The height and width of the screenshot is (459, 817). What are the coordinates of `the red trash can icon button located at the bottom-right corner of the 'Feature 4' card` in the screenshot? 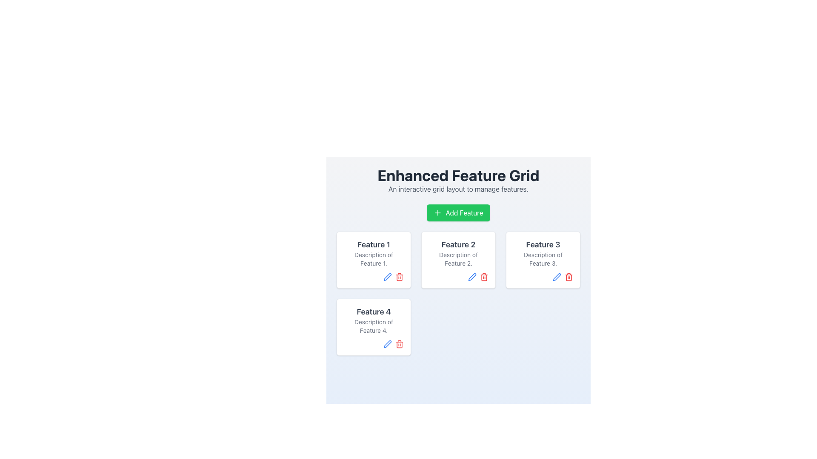 It's located at (399, 344).